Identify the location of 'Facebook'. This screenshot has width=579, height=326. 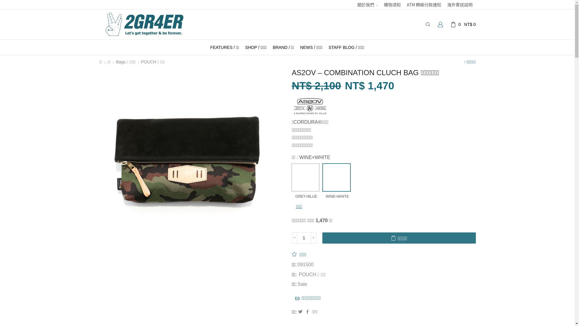
(307, 312).